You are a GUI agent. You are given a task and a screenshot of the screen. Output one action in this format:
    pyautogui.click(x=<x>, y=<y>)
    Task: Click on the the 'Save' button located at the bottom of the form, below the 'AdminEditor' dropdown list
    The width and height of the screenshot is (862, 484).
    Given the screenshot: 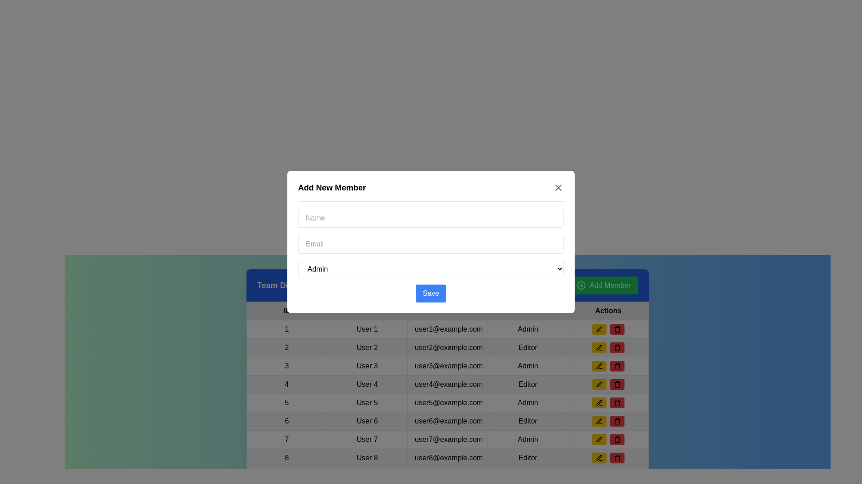 What is the action you would take?
    pyautogui.click(x=431, y=294)
    